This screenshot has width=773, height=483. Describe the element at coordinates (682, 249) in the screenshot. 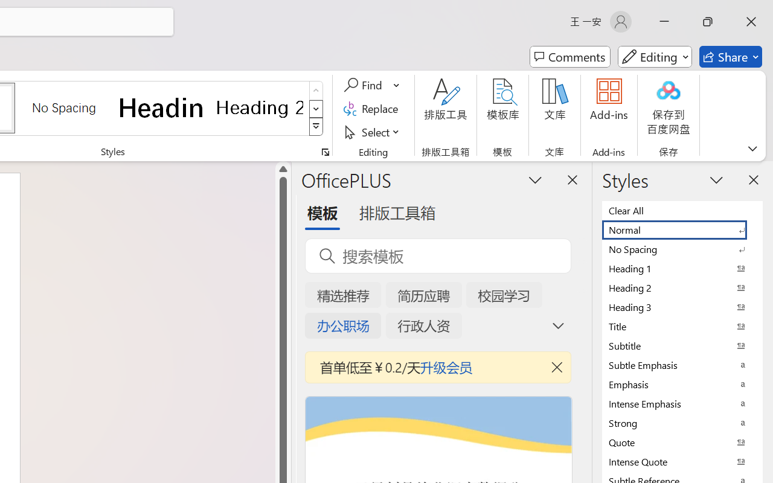

I see `'No Spacing'` at that location.